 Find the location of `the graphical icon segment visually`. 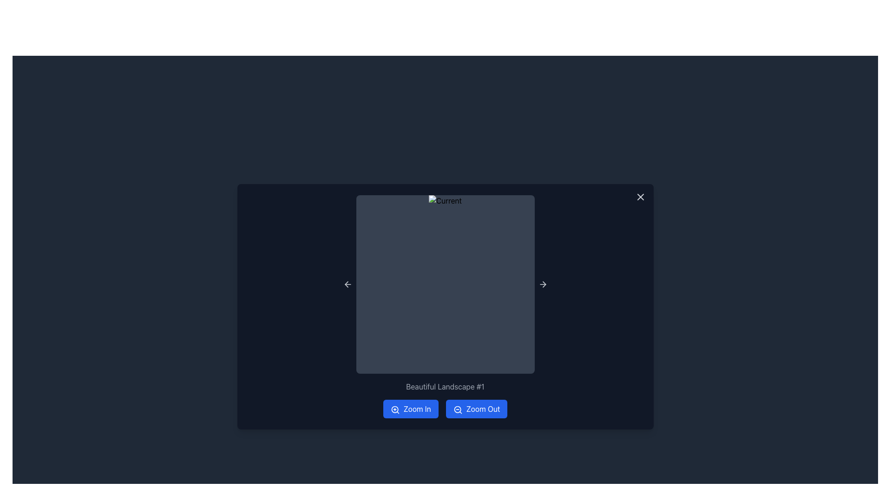

the graphical icon segment visually is located at coordinates (640, 197).